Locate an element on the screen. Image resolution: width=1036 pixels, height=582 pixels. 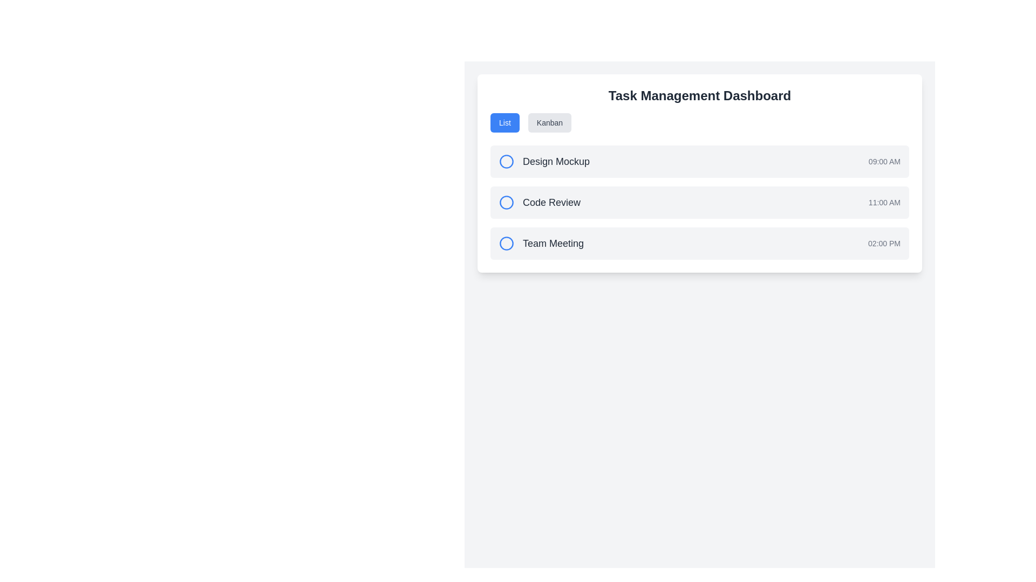
the Text Label indicating the title of the 'Team Meeting' in the scheduled events list is located at coordinates (541, 243).